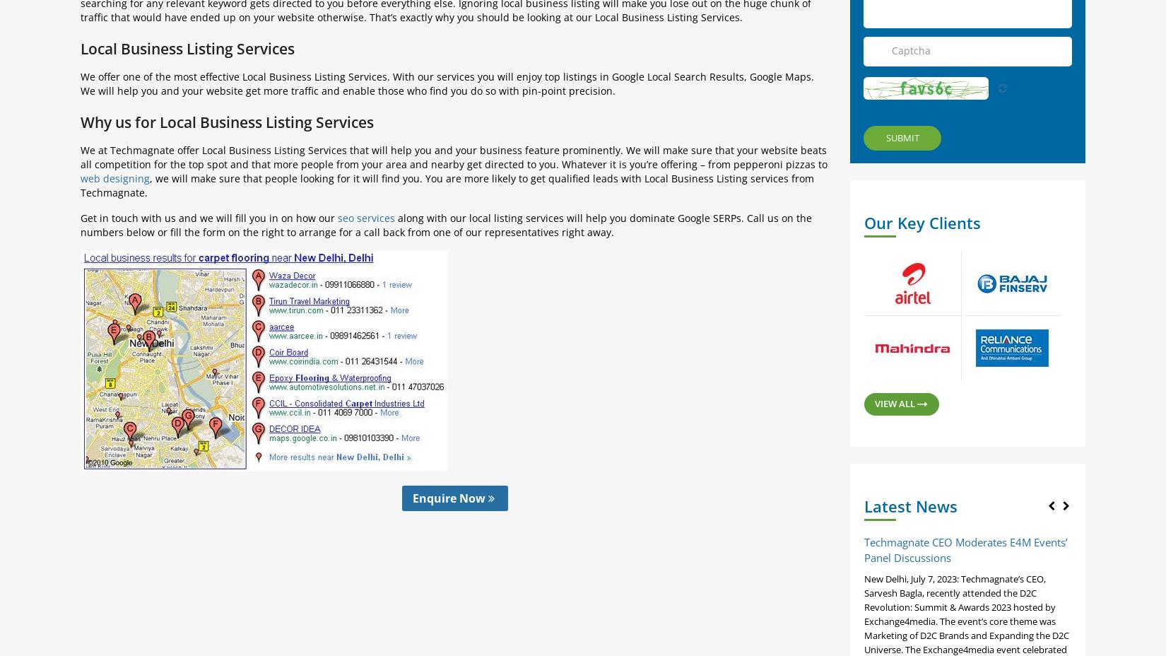 The image size is (1166, 656). Describe the element at coordinates (209, 217) in the screenshot. I see `'Get in touch with us and we will fill you in on how our'` at that location.